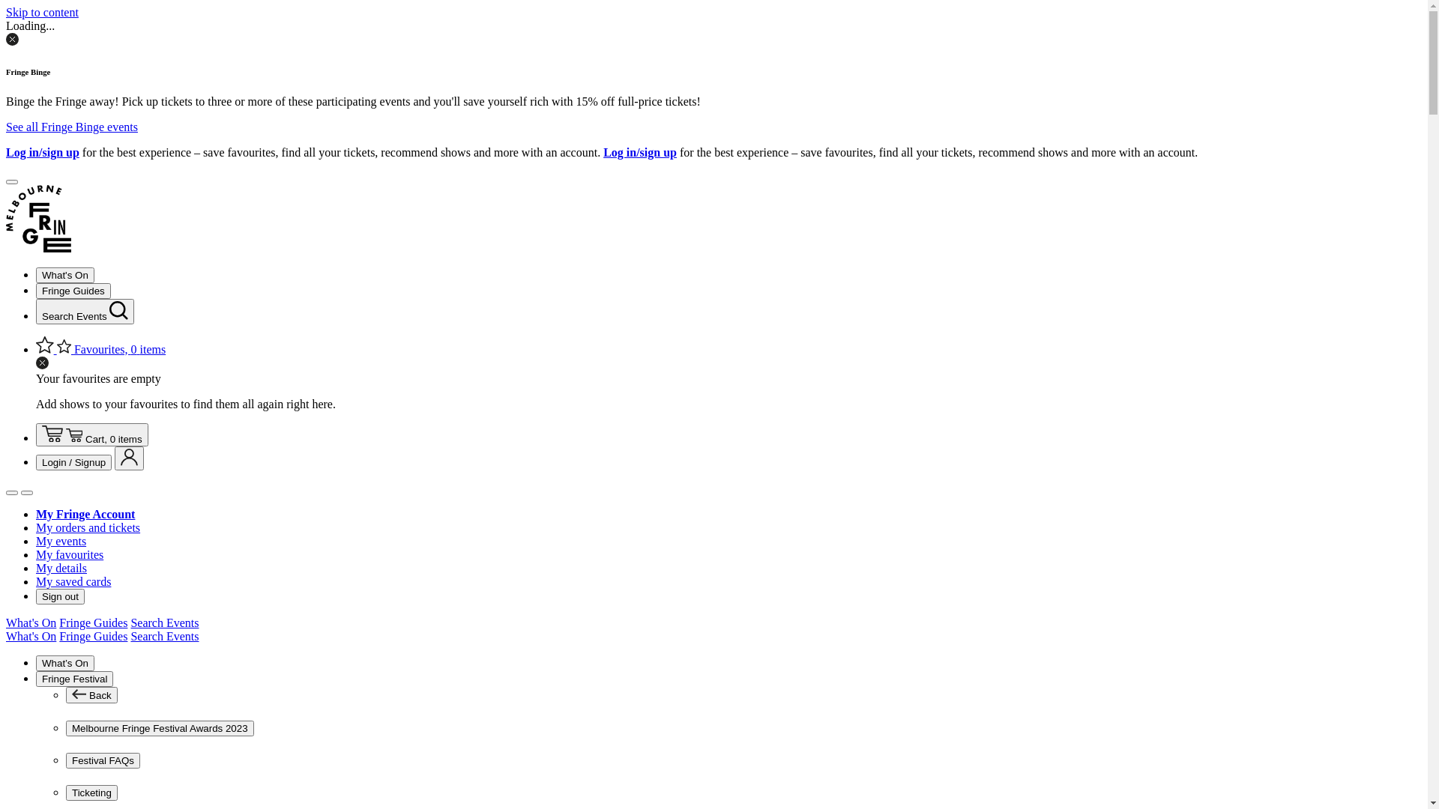 Image resolution: width=1439 pixels, height=809 pixels. I want to click on 'What's On', so click(31, 636).